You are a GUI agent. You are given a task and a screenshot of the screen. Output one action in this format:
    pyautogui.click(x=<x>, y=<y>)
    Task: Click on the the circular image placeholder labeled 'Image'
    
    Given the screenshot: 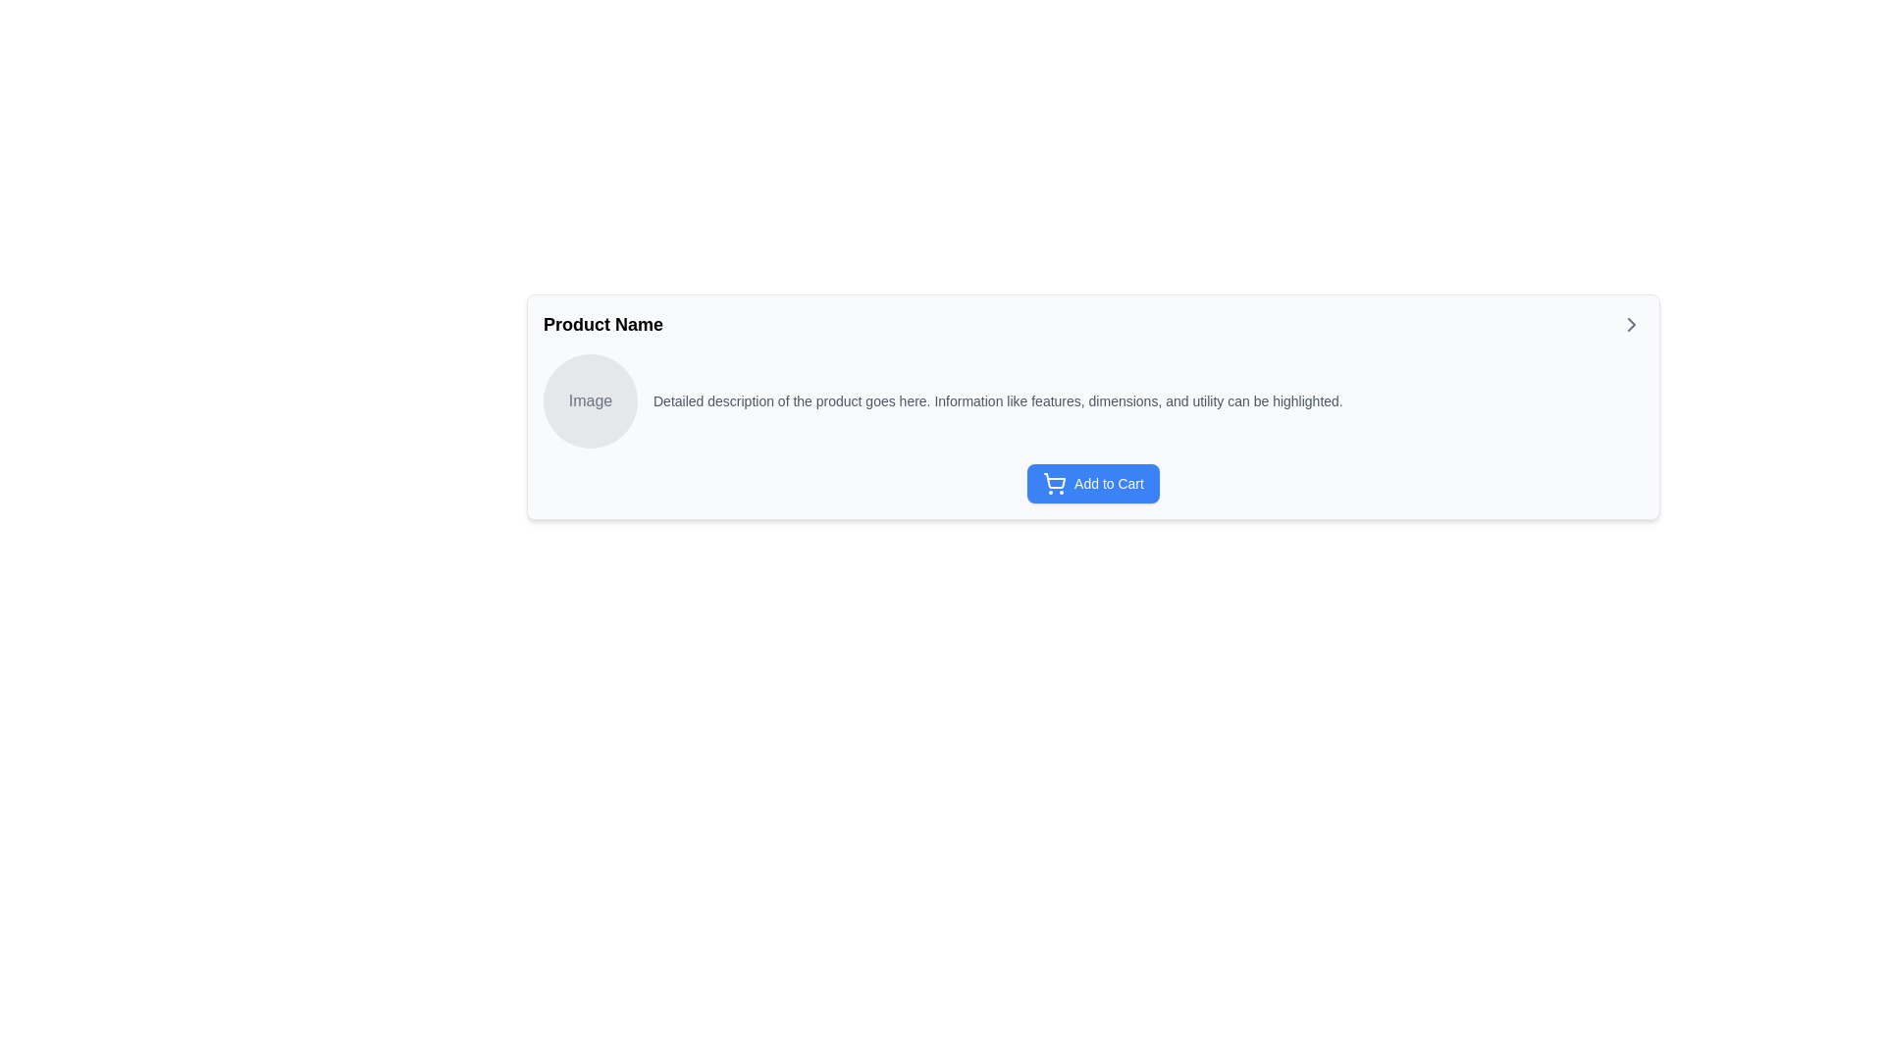 What is the action you would take?
    pyautogui.click(x=589, y=399)
    